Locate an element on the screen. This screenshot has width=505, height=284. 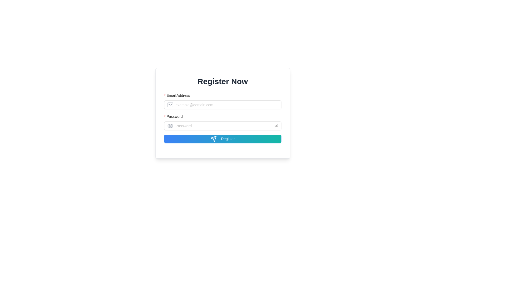
the decorative icon located to the left of the 'Email Address' text input field in the registration form is located at coordinates (170, 105).